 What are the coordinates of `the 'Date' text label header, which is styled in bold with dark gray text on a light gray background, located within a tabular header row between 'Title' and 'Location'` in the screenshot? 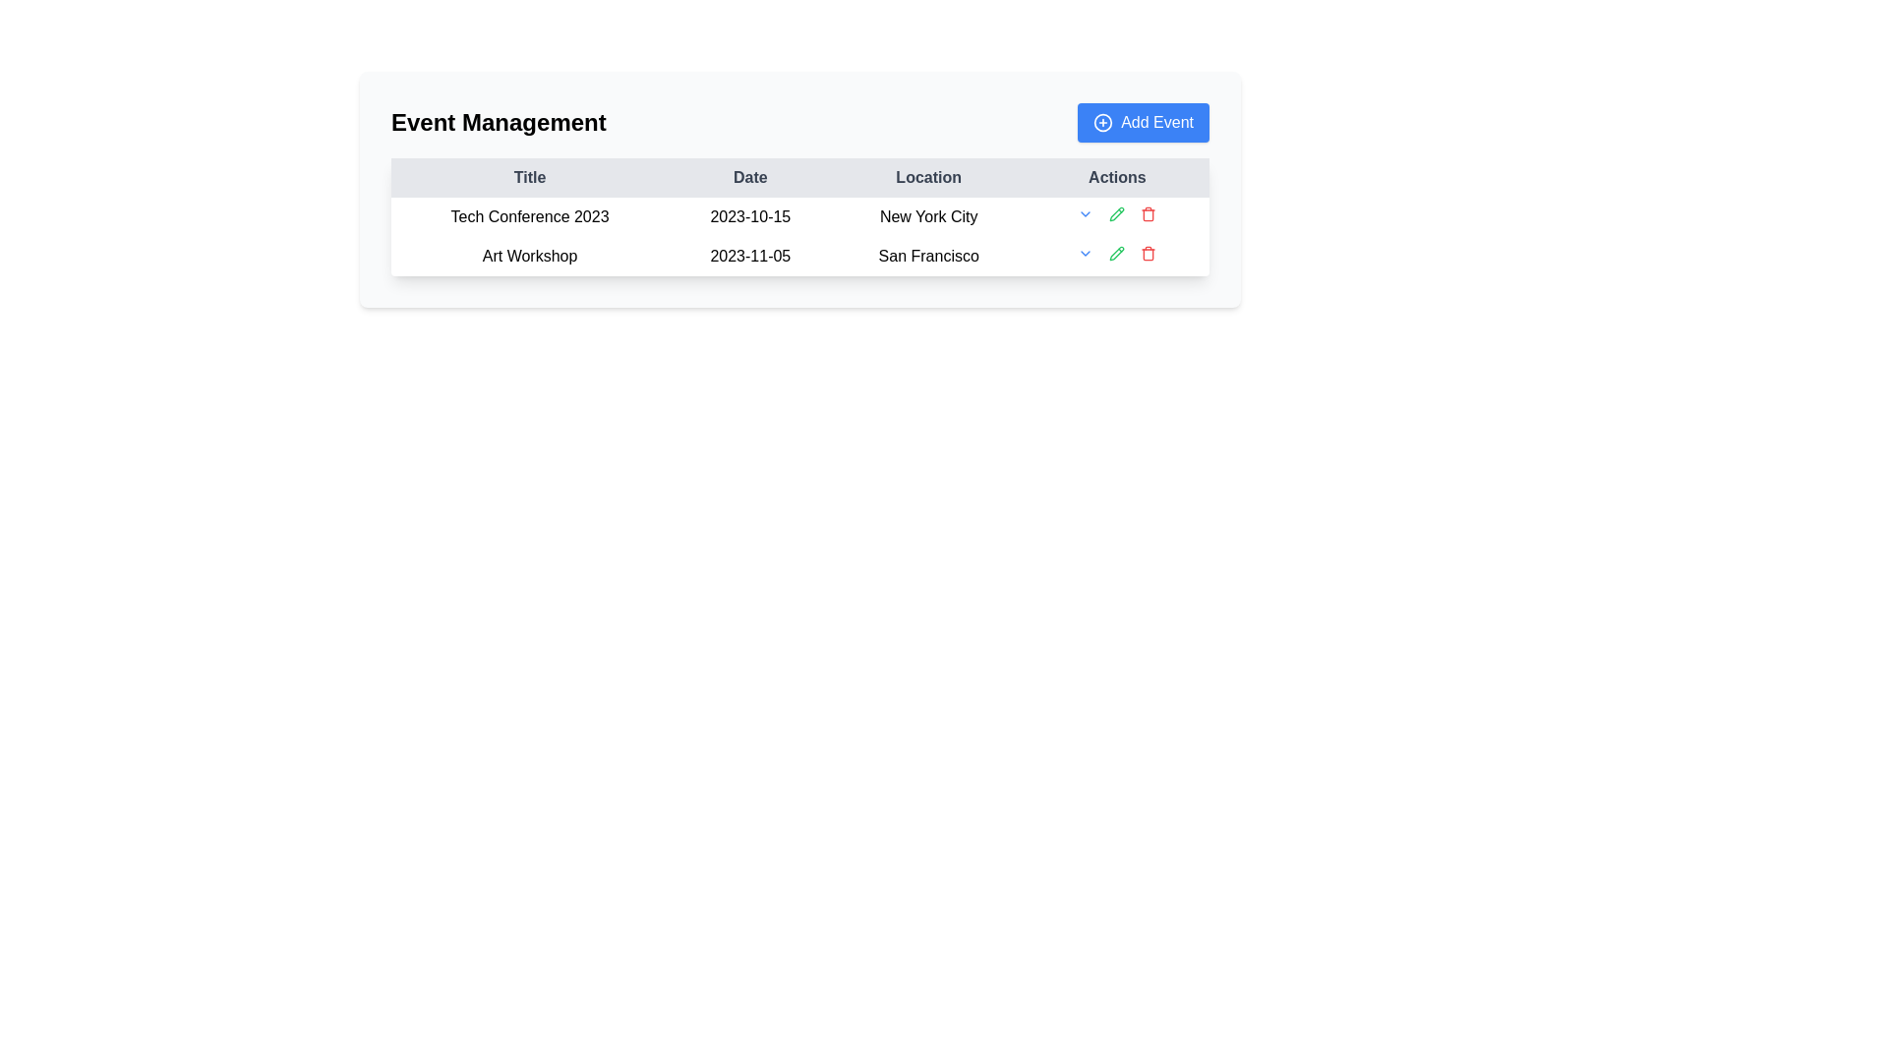 It's located at (749, 178).